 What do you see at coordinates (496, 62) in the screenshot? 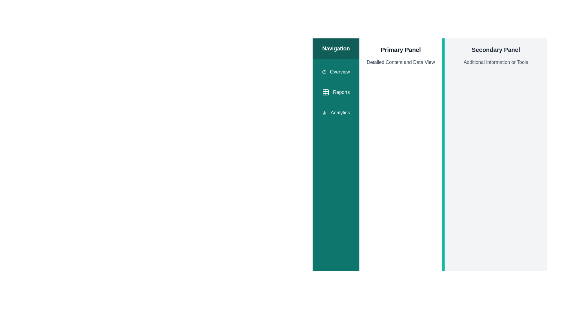
I see `the text label that provides a descriptive heading within the 'Secondary Panel', which is located just below the 'Secondary Panel' header` at bounding box center [496, 62].